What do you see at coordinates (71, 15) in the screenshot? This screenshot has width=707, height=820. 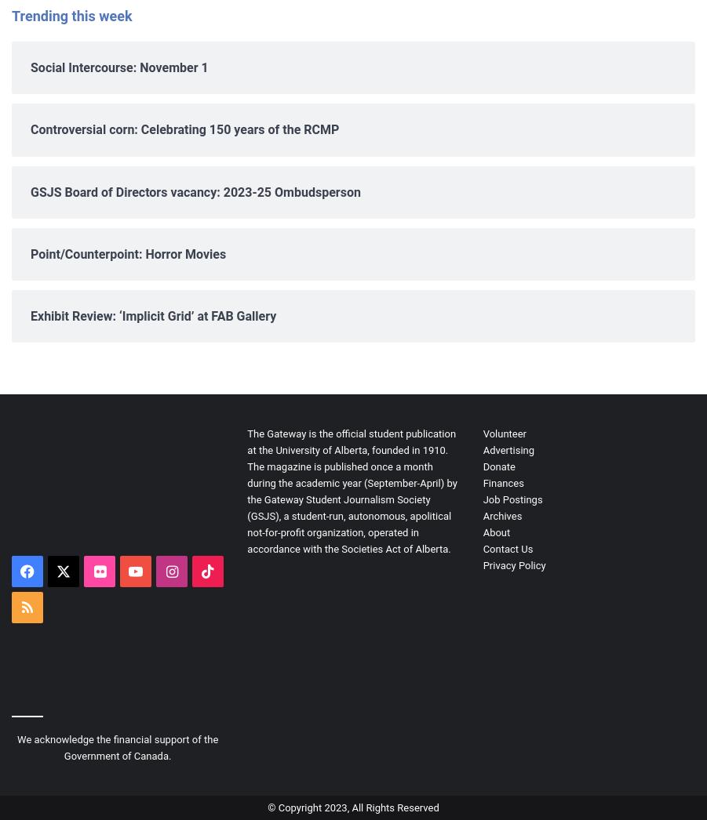 I see `'Trending this week'` at bounding box center [71, 15].